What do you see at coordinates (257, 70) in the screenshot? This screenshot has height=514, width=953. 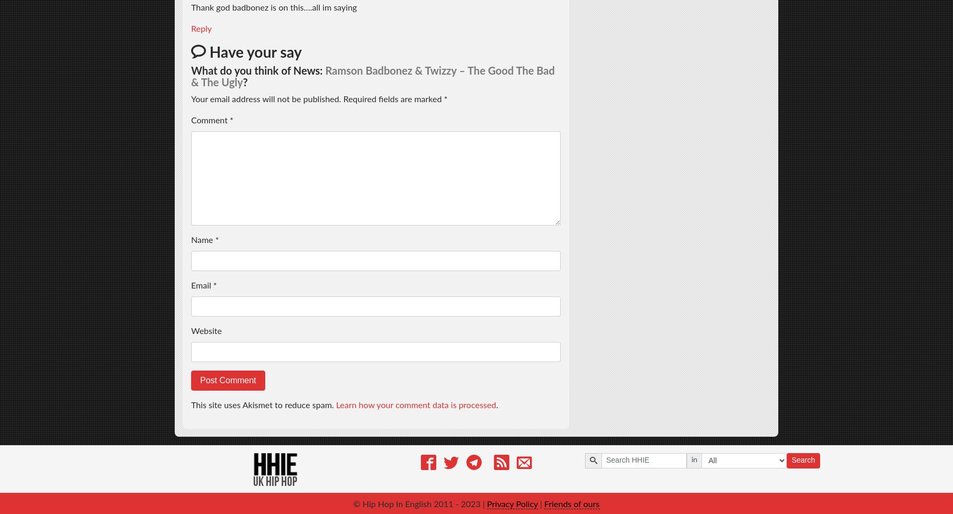 I see `'What do you think of News:'` at bounding box center [257, 70].